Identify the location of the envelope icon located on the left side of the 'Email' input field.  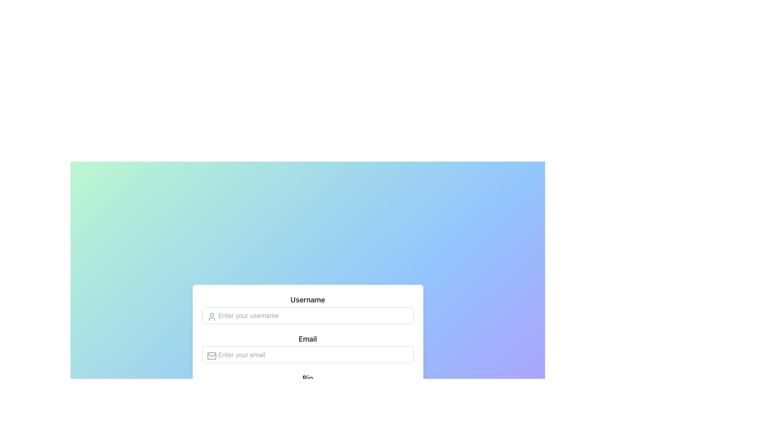
(211, 356).